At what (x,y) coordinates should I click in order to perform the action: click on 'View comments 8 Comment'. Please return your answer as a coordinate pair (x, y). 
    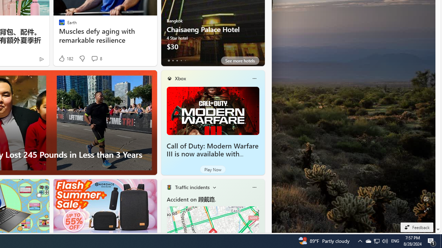
    Looking at the image, I should click on (94, 58).